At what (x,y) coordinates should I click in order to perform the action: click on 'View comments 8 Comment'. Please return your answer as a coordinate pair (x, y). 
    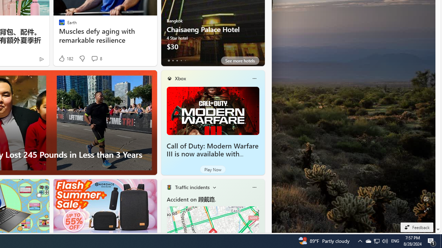
    Looking at the image, I should click on (94, 58).